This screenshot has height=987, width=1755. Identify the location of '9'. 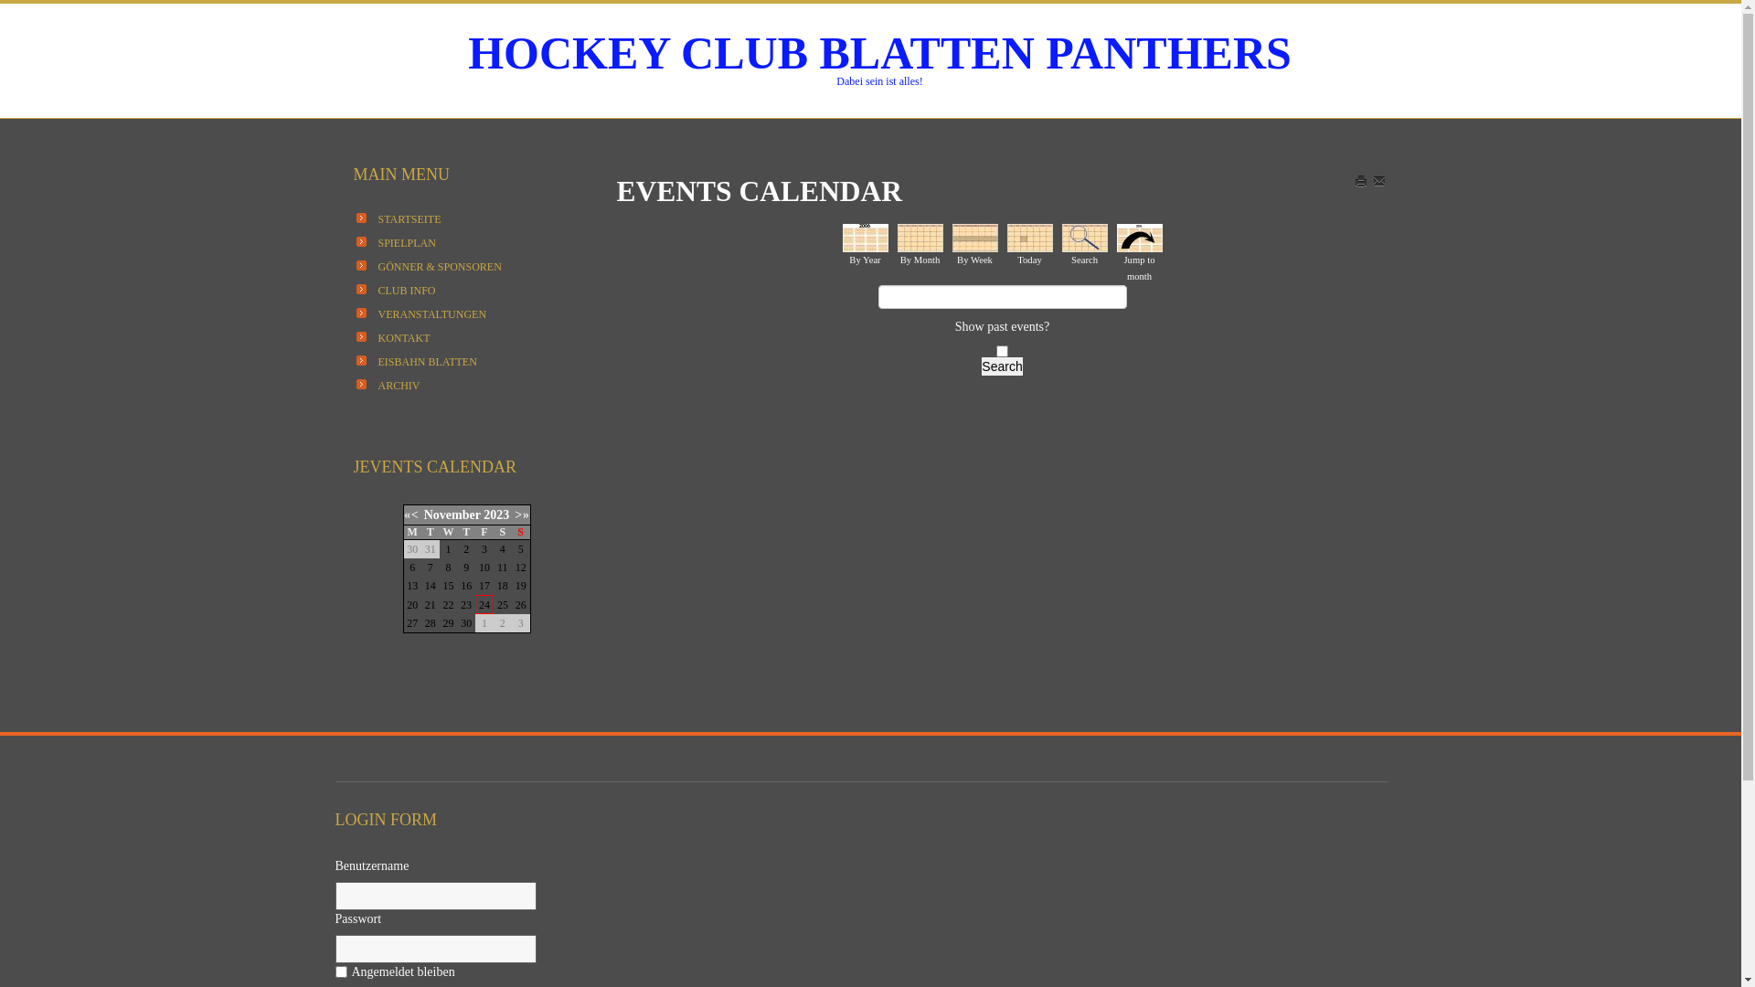
(463, 567).